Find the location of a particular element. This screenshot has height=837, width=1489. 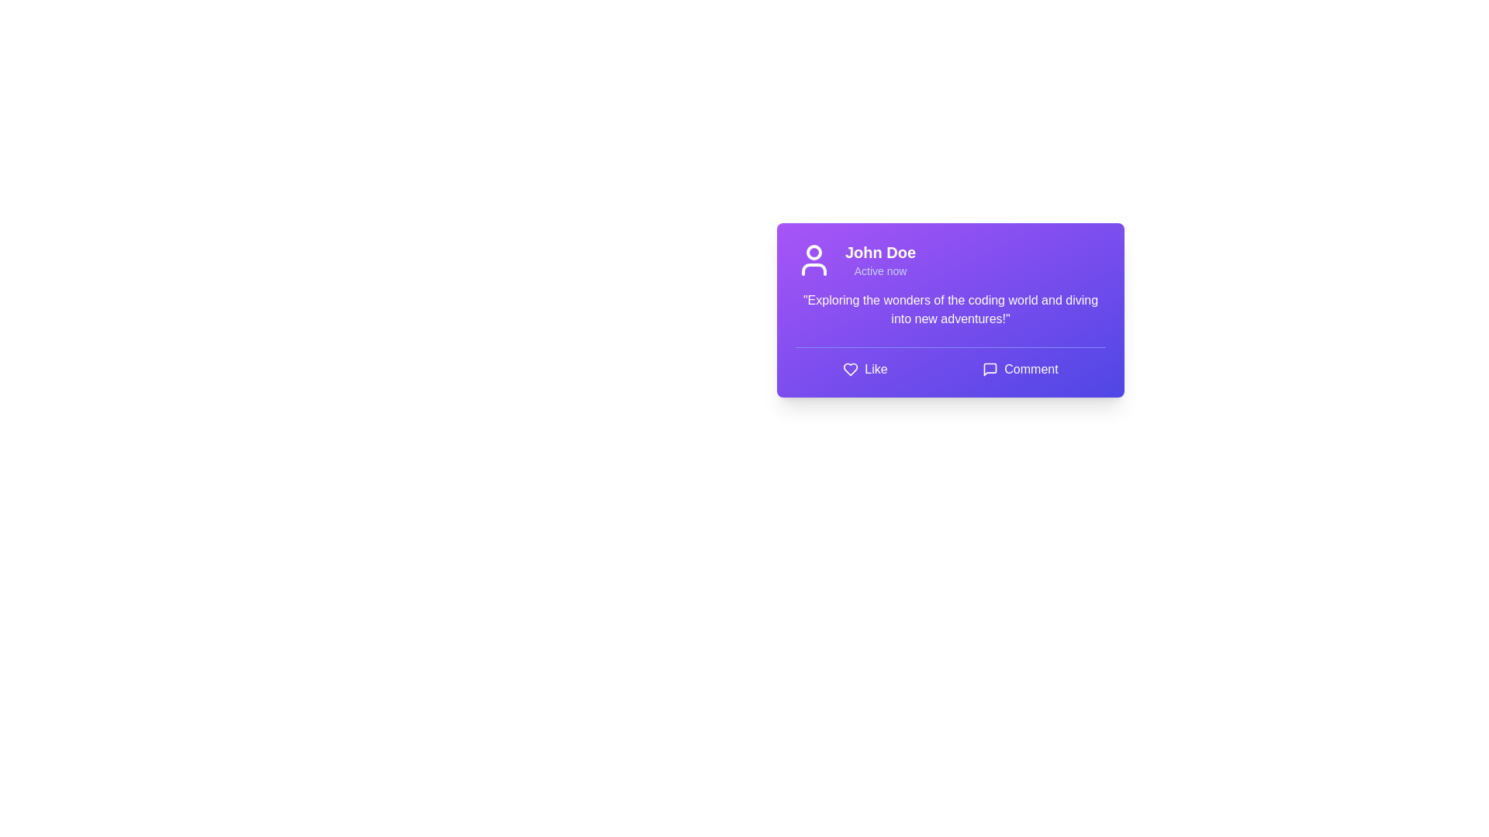

the heart-shaped icon located at the bottom left corner of the card is located at coordinates (850, 370).